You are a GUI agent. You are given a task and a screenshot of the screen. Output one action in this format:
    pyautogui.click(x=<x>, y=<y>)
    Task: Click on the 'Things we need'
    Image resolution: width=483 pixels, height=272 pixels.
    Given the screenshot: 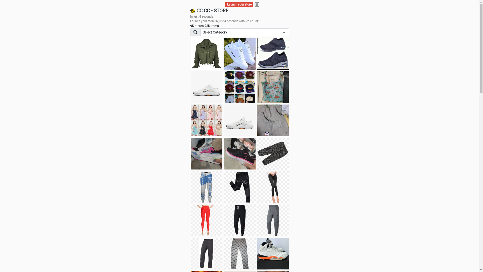 What is the action you would take?
    pyautogui.click(x=239, y=87)
    